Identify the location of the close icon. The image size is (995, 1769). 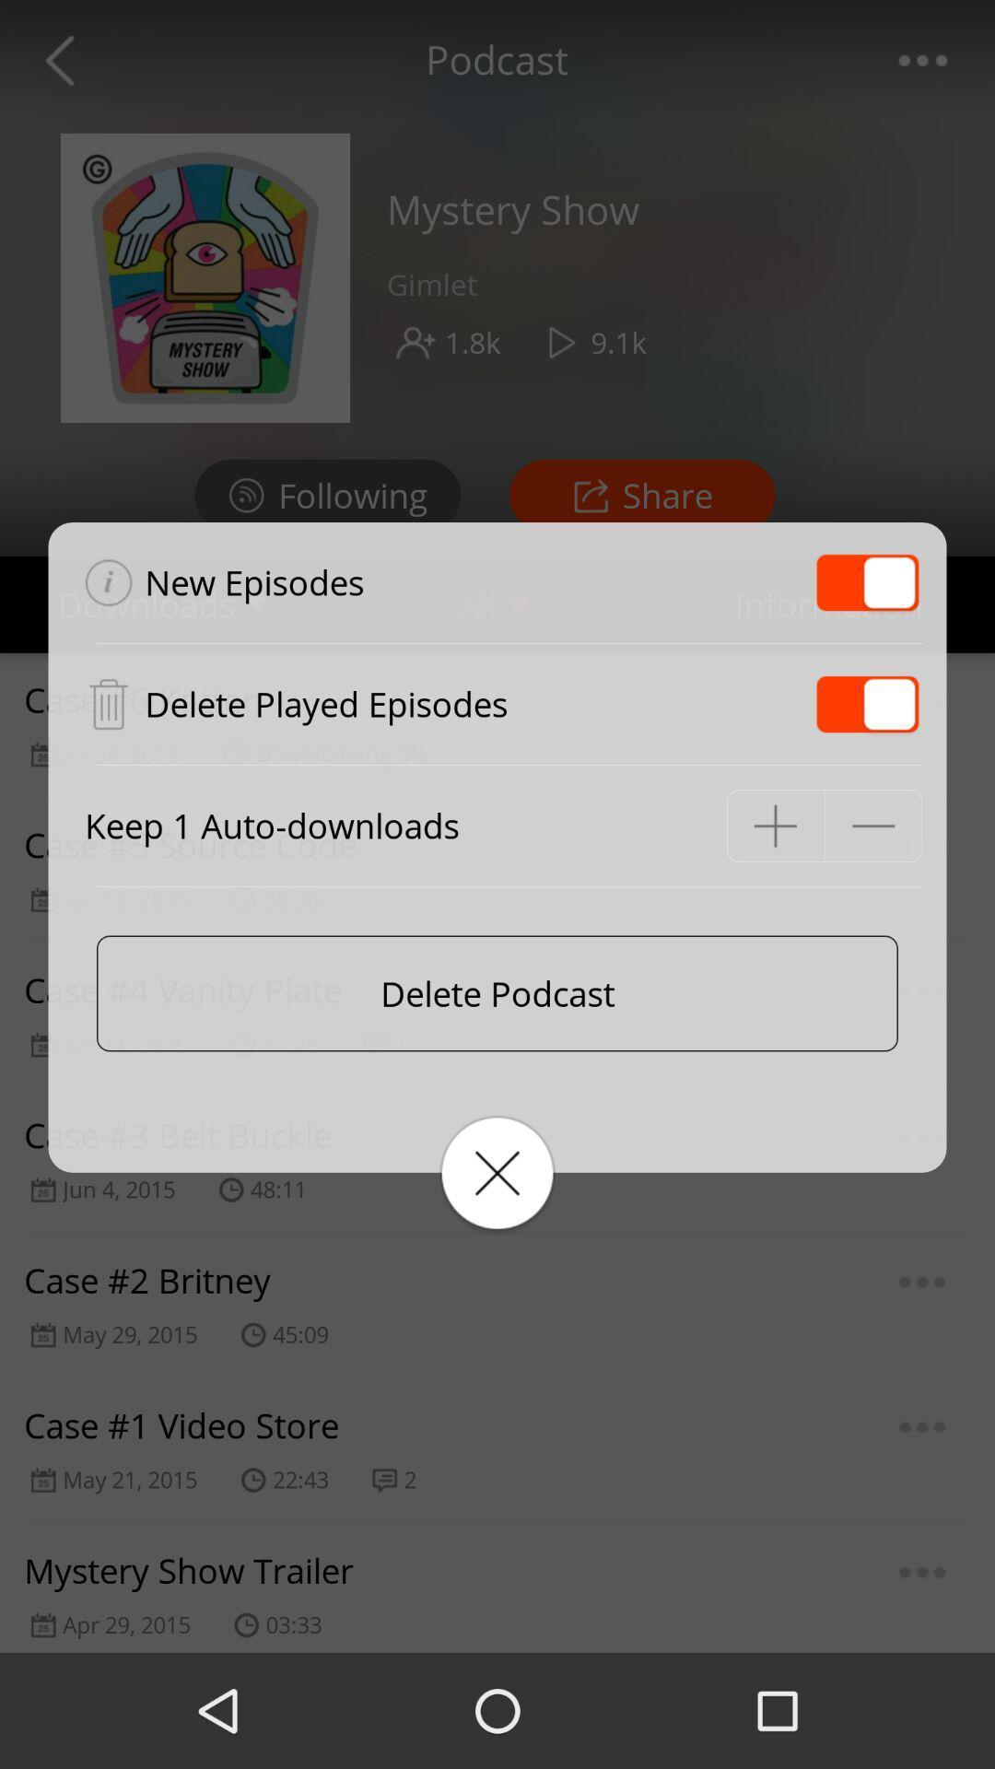
(497, 1172).